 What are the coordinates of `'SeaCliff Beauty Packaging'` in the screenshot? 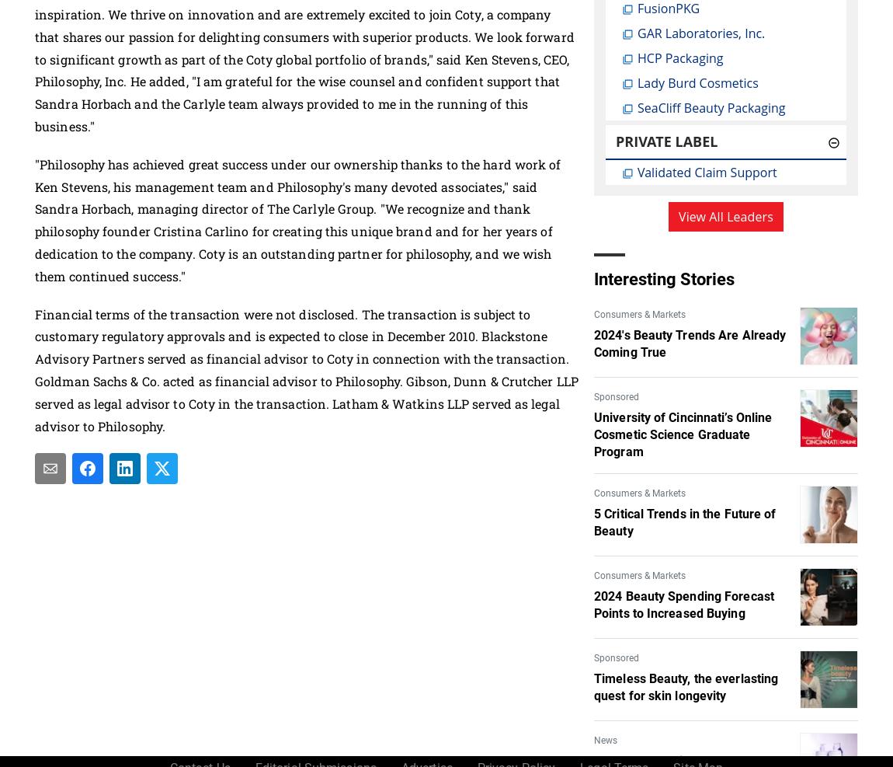 It's located at (636, 107).